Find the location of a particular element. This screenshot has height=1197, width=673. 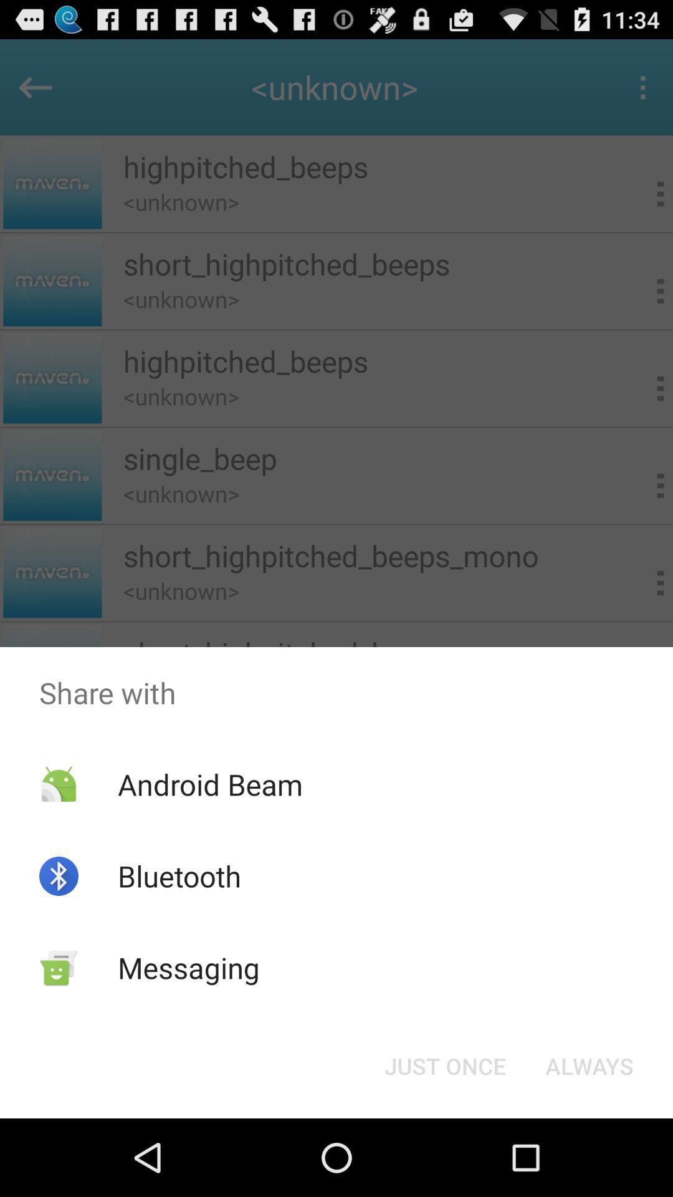

button next to the just once icon is located at coordinates (589, 1065).